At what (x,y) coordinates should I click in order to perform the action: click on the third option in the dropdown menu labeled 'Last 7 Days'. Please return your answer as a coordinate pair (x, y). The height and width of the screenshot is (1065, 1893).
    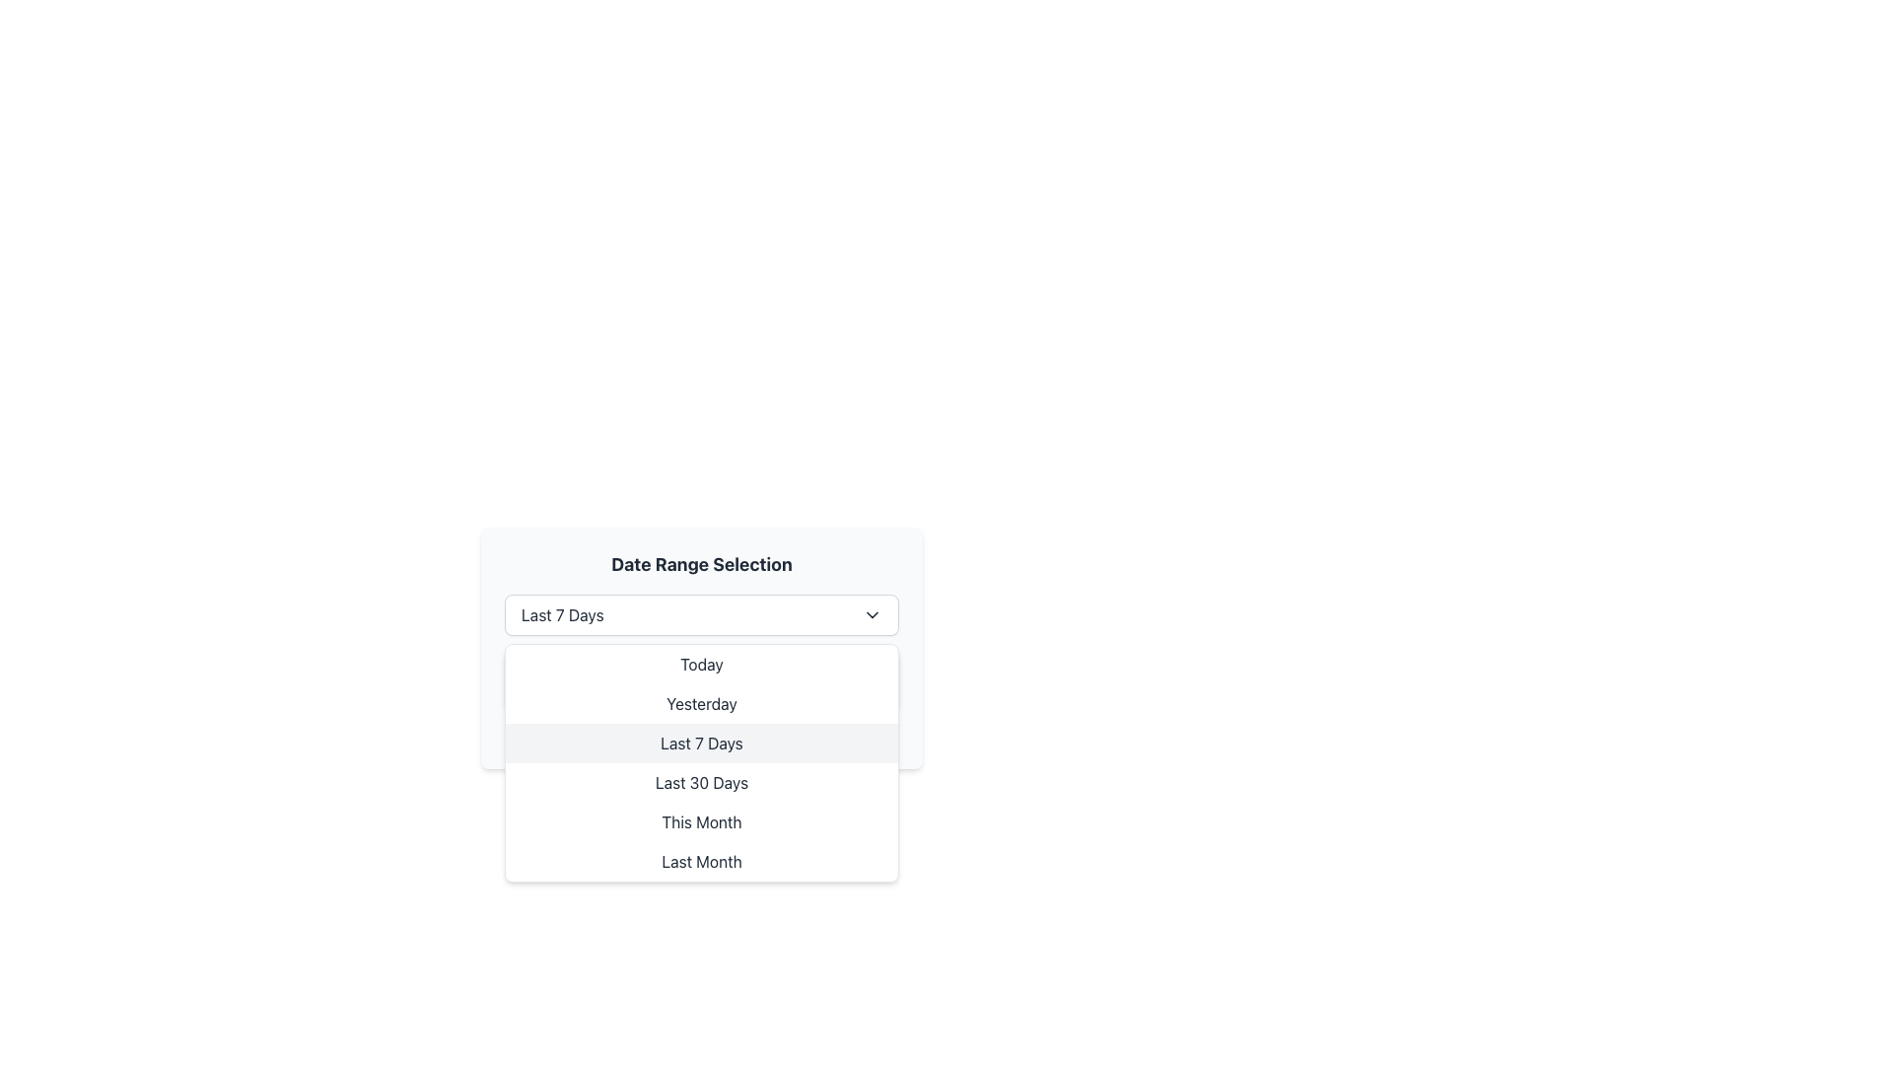
    Looking at the image, I should click on (701, 762).